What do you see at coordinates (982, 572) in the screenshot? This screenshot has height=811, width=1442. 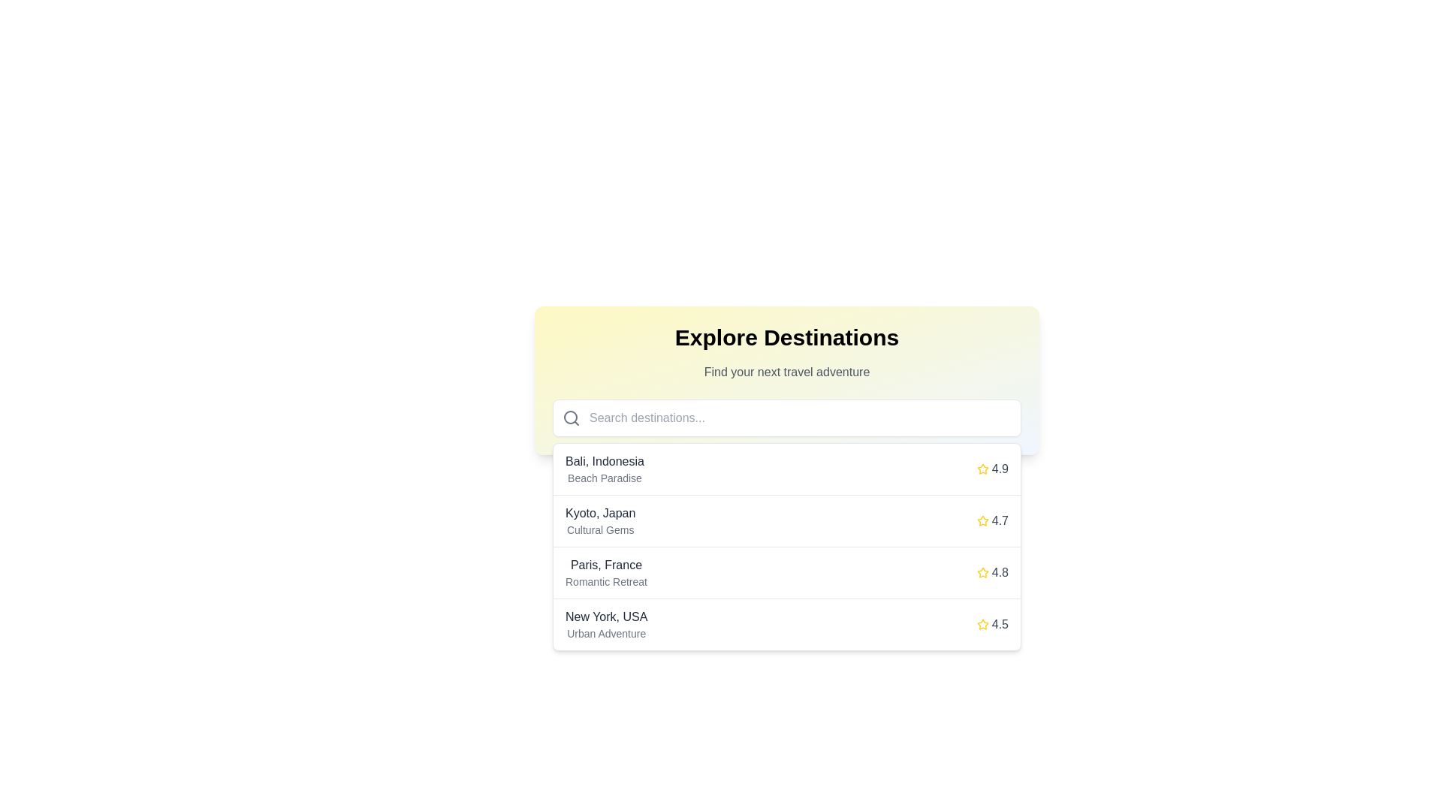 I see `the five-pointed star icon with a yellow fill and distinctive outline, located to the right of 'Paris, France' and the rating '4.8'` at bounding box center [982, 572].